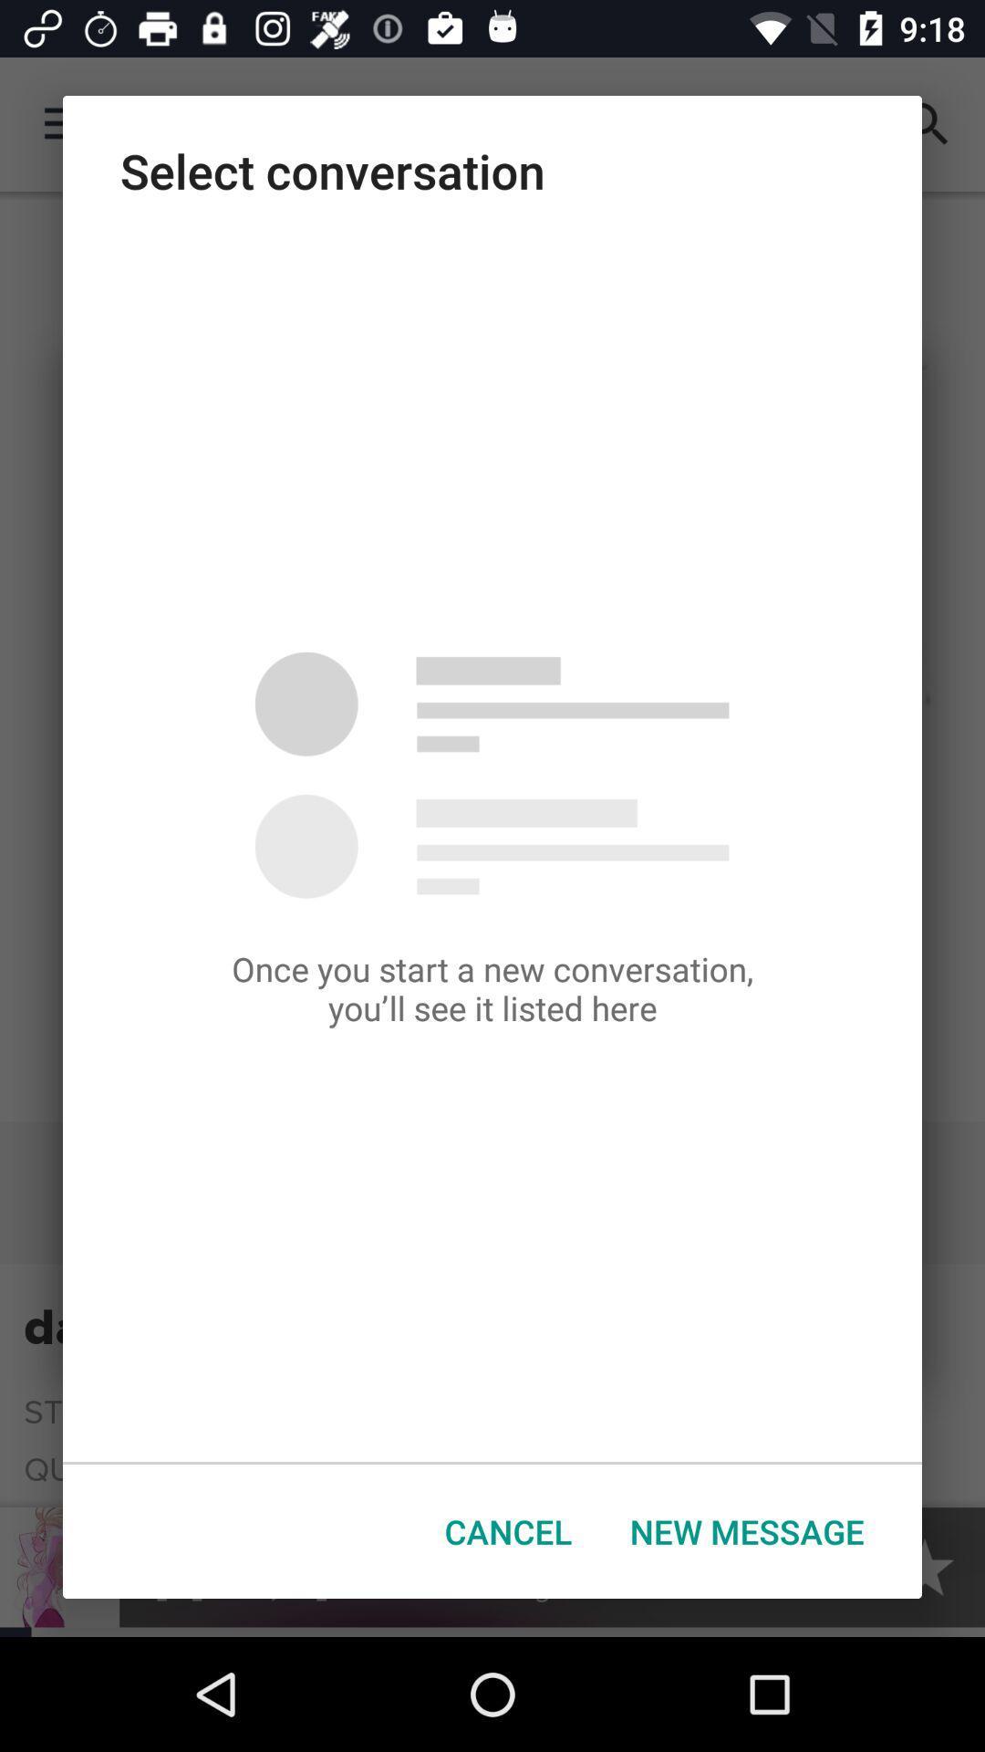  Describe the element at coordinates (747, 1531) in the screenshot. I see `the button to the right of the cancel` at that location.